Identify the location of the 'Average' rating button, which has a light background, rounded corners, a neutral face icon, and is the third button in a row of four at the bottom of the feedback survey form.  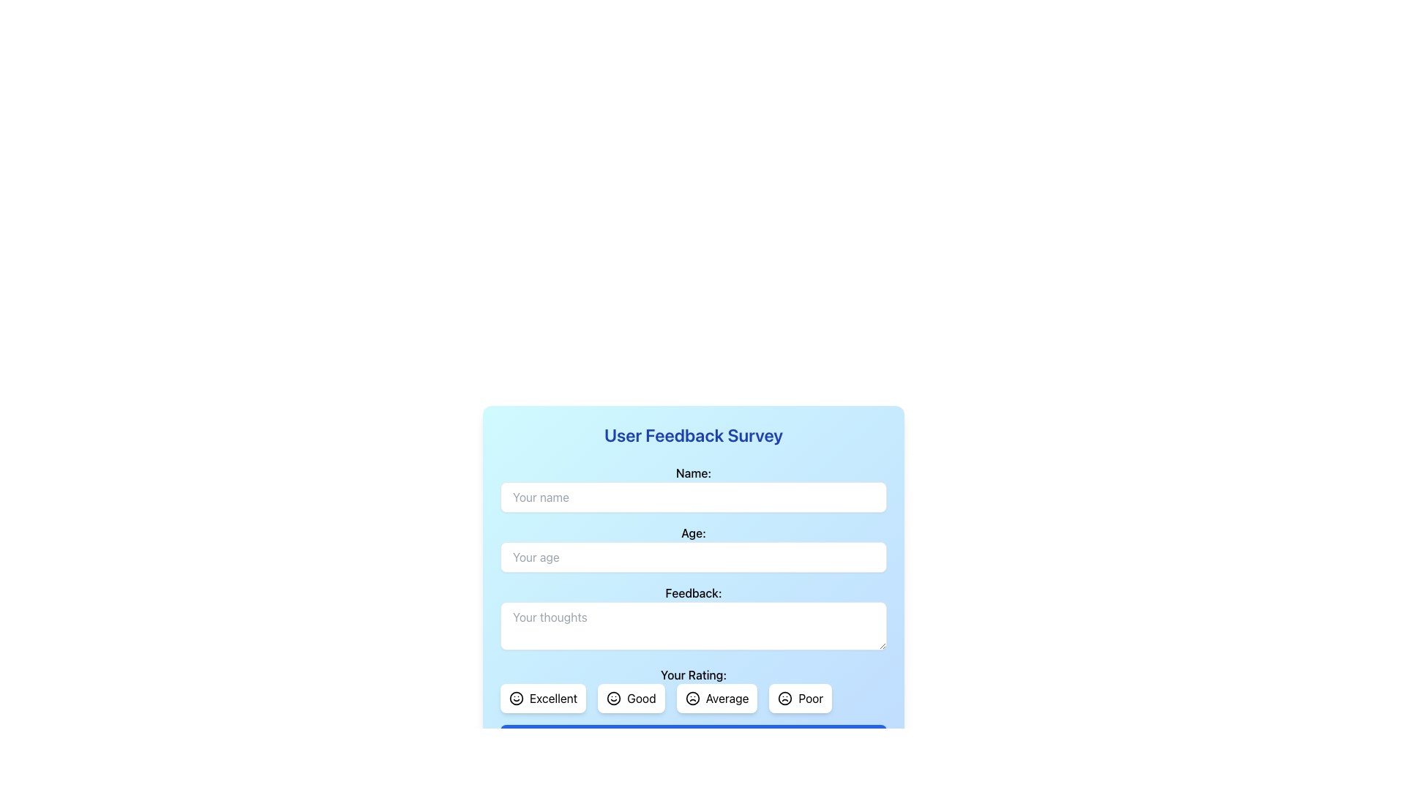
(716, 698).